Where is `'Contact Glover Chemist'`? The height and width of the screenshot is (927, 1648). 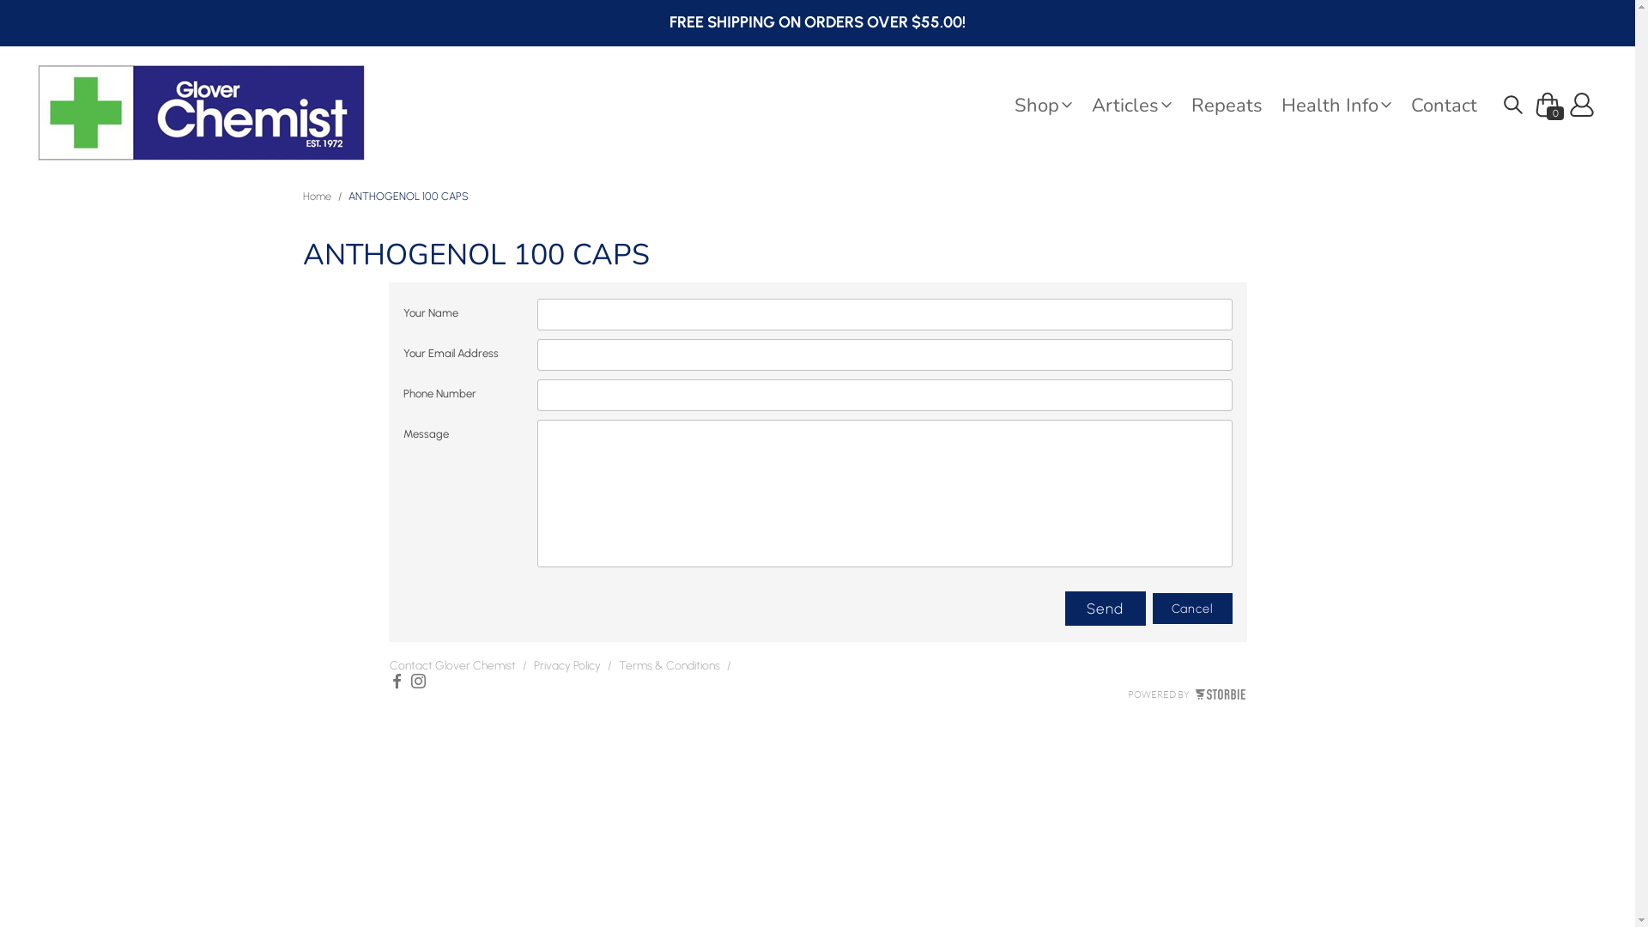 'Contact Glover Chemist' is located at coordinates (452, 668).